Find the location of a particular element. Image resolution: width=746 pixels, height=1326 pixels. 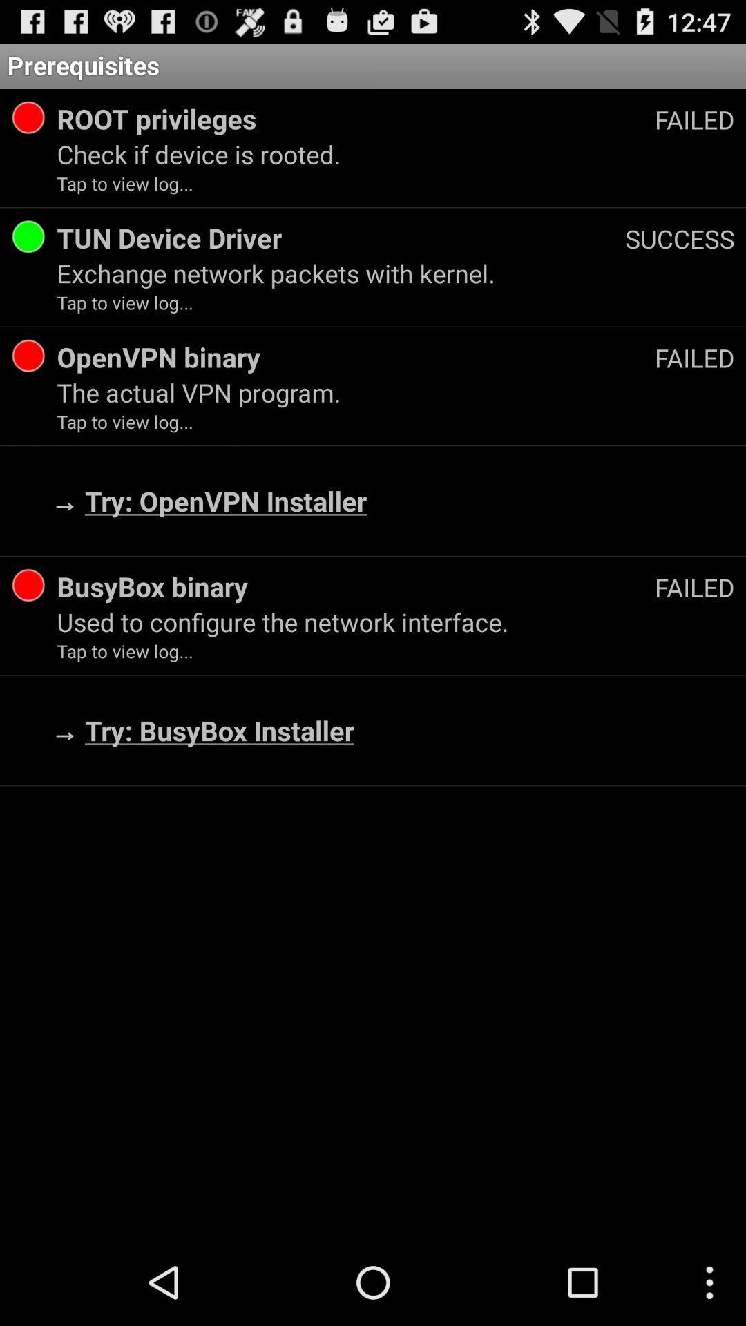

the check if device icon is located at coordinates (396, 154).